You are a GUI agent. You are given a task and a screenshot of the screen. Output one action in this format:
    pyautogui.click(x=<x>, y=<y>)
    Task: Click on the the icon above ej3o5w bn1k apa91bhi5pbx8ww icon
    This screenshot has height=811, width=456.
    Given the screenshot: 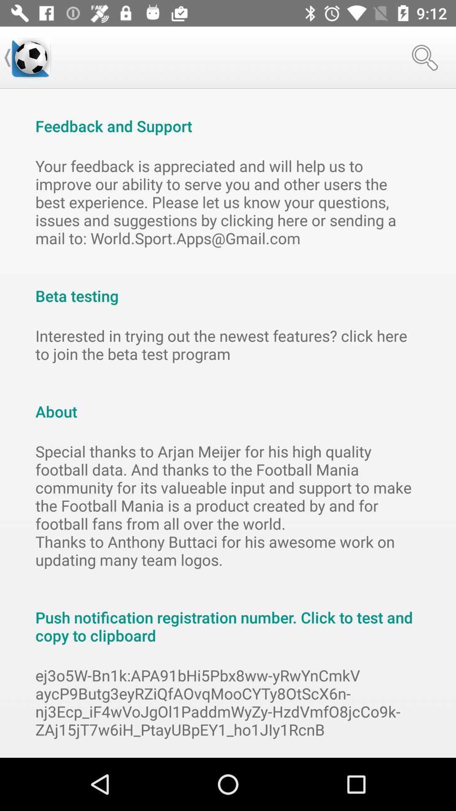 What is the action you would take?
    pyautogui.click(x=228, y=618)
    